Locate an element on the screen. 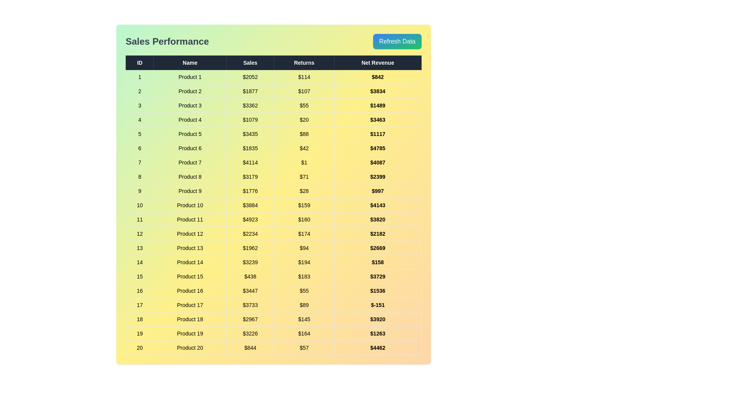 Image resolution: width=740 pixels, height=416 pixels. the column header ID to sort the data by that column is located at coordinates (140, 62).